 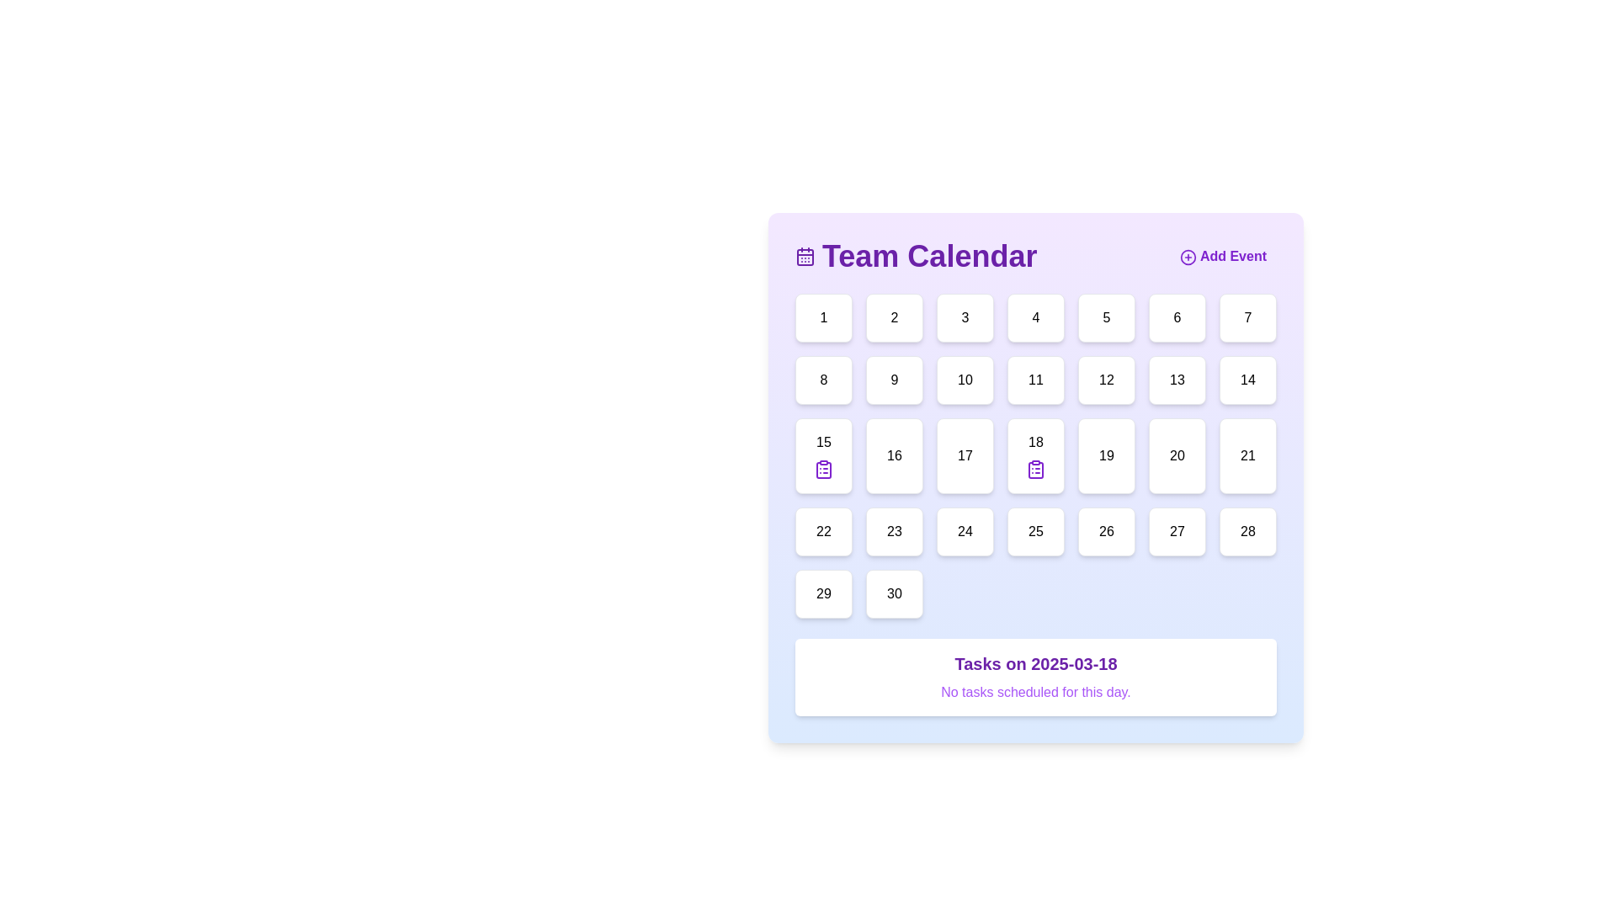 I want to click on the button representing a selectable date, so click(x=965, y=318).